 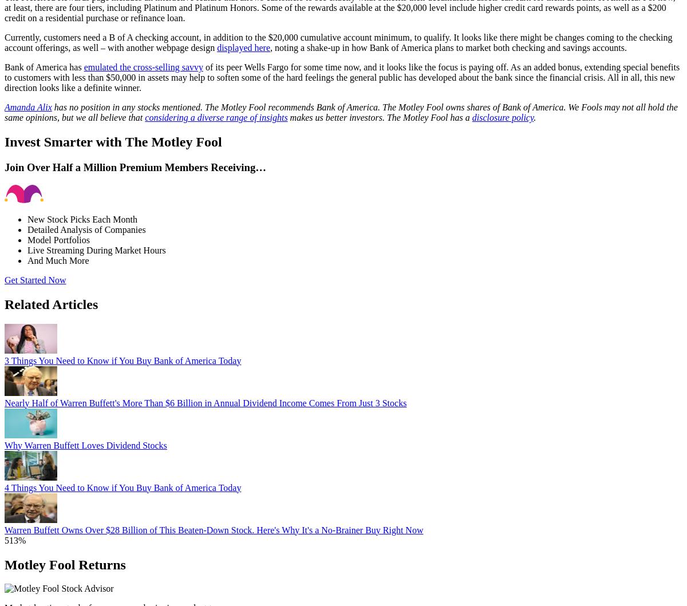 I want to click on 'Join Over Half a Million Premium Members Receiving…', so click(x=135, y=167).